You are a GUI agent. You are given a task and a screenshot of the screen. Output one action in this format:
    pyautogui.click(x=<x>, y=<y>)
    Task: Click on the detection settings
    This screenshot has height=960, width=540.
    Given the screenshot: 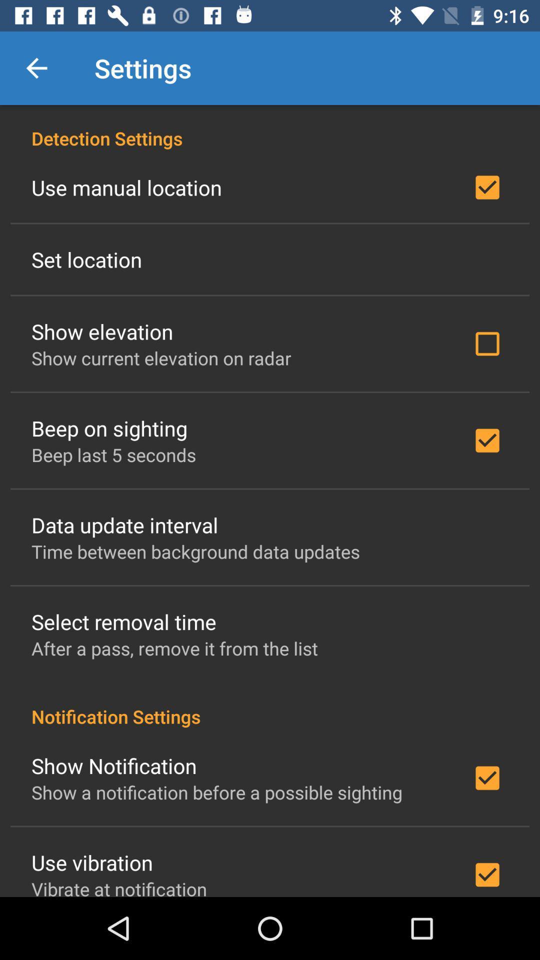 What is the action you would take?
    pyautogui.click(x=270, y=127)
    